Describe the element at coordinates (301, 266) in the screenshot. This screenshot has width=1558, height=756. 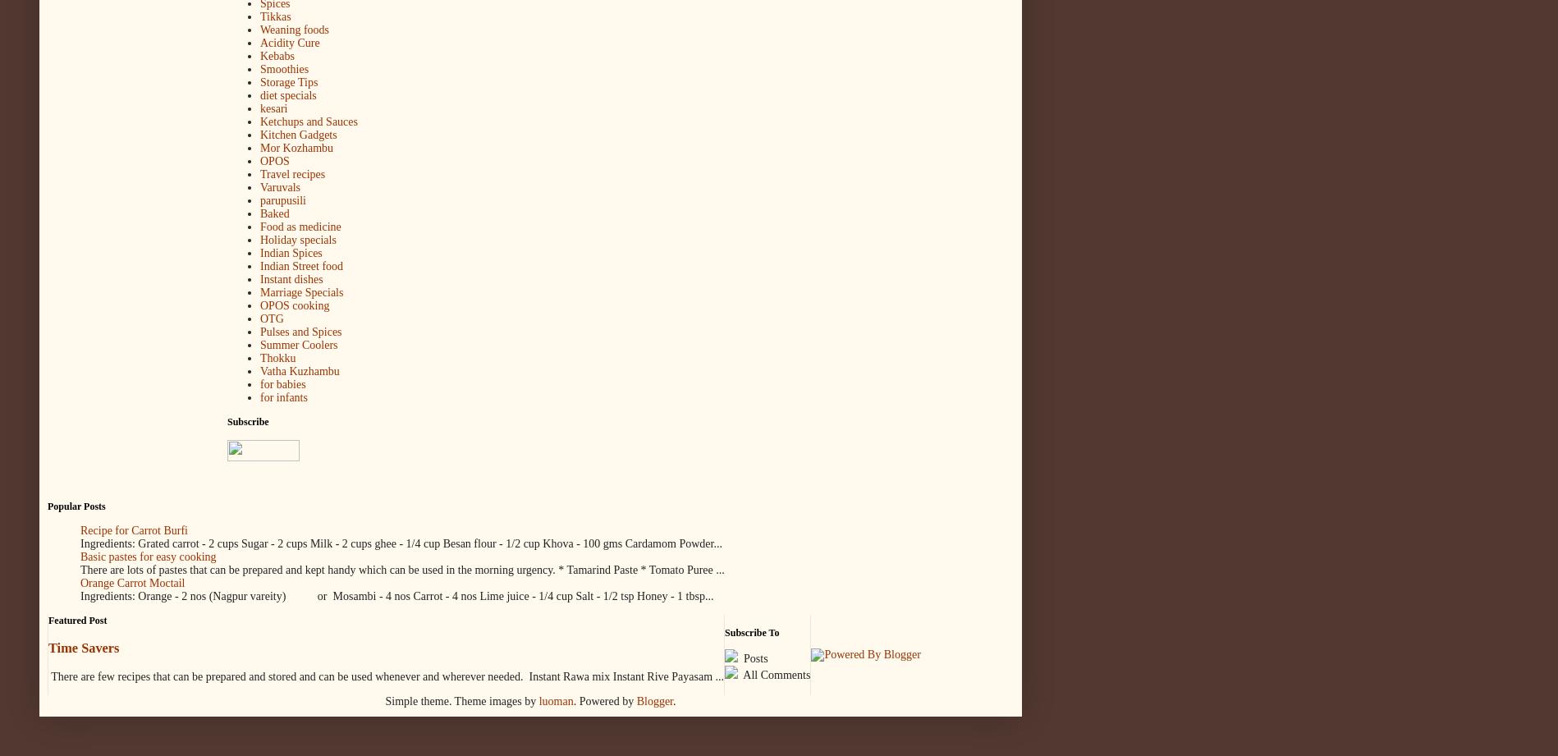
I see `'Indian Street food'` at that location.